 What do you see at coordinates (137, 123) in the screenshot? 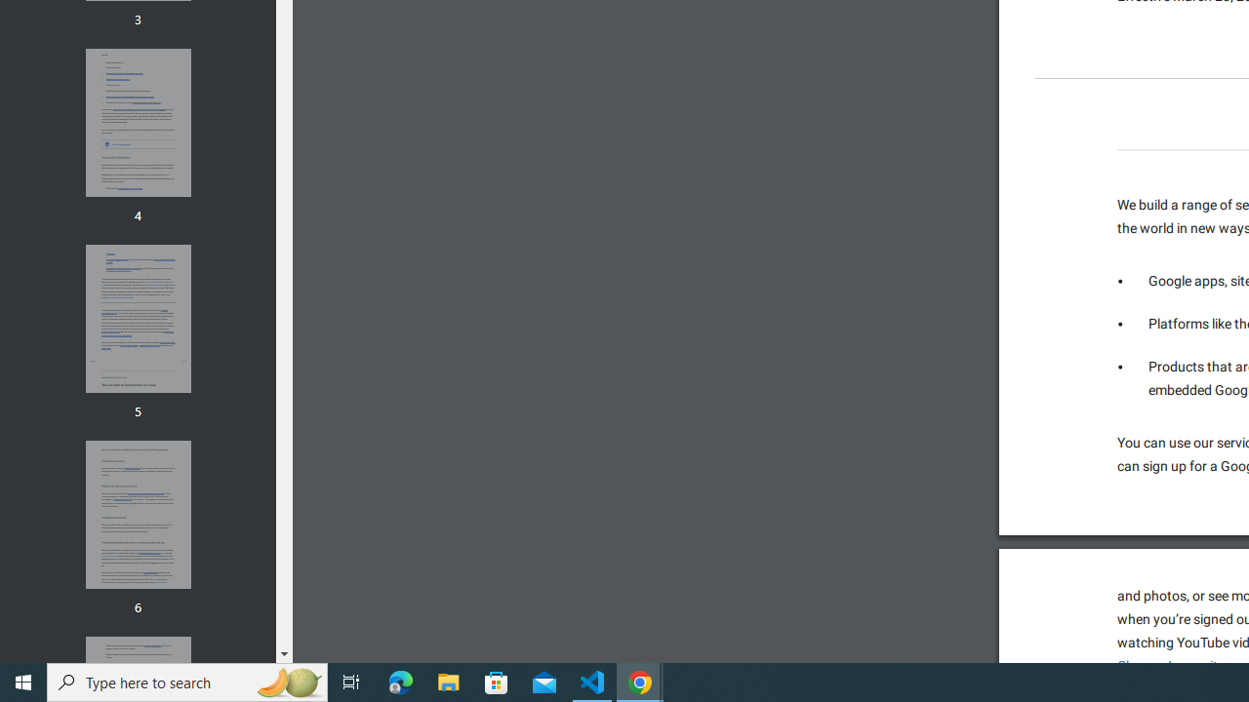
I see `'Thumbnail for page 4'` at bounding box center [137, 123].